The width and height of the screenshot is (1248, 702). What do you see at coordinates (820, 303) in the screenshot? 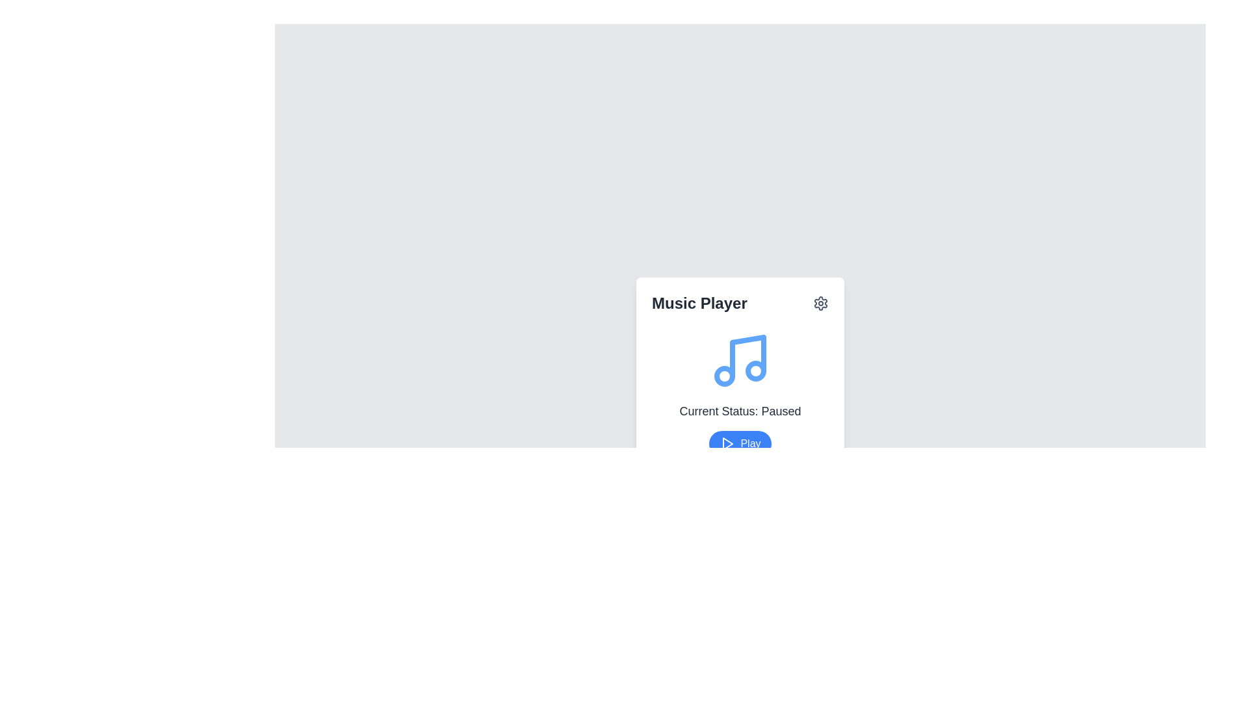
I see `the cogwheel-shaped settings icon located in the top-right corner of the 'Music Player' card` at bounding box center [820, 303].